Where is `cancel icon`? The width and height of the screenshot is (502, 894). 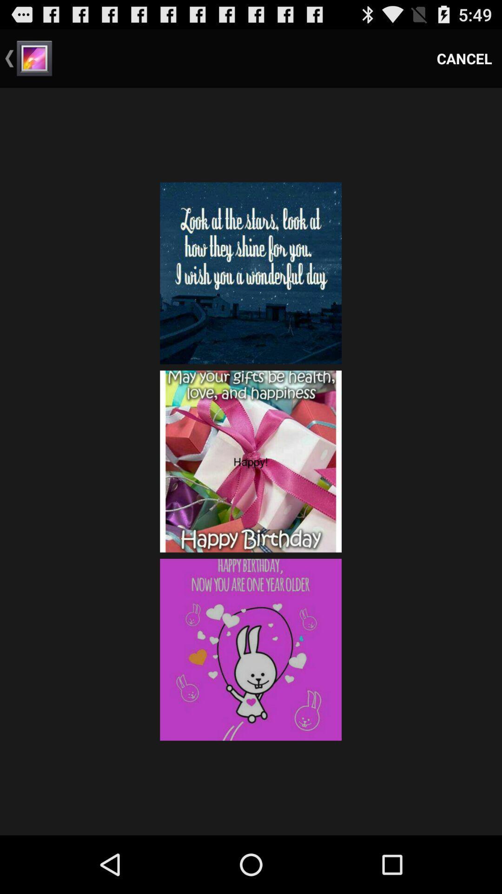 cancel icon is located at coordinates (464, 58).